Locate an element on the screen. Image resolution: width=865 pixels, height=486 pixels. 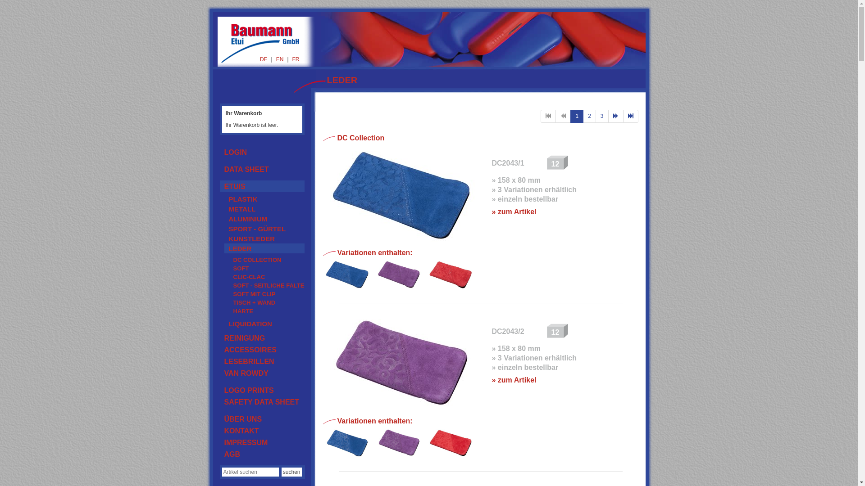
'TISCH + WAND' is located at coordinates (266, 302).